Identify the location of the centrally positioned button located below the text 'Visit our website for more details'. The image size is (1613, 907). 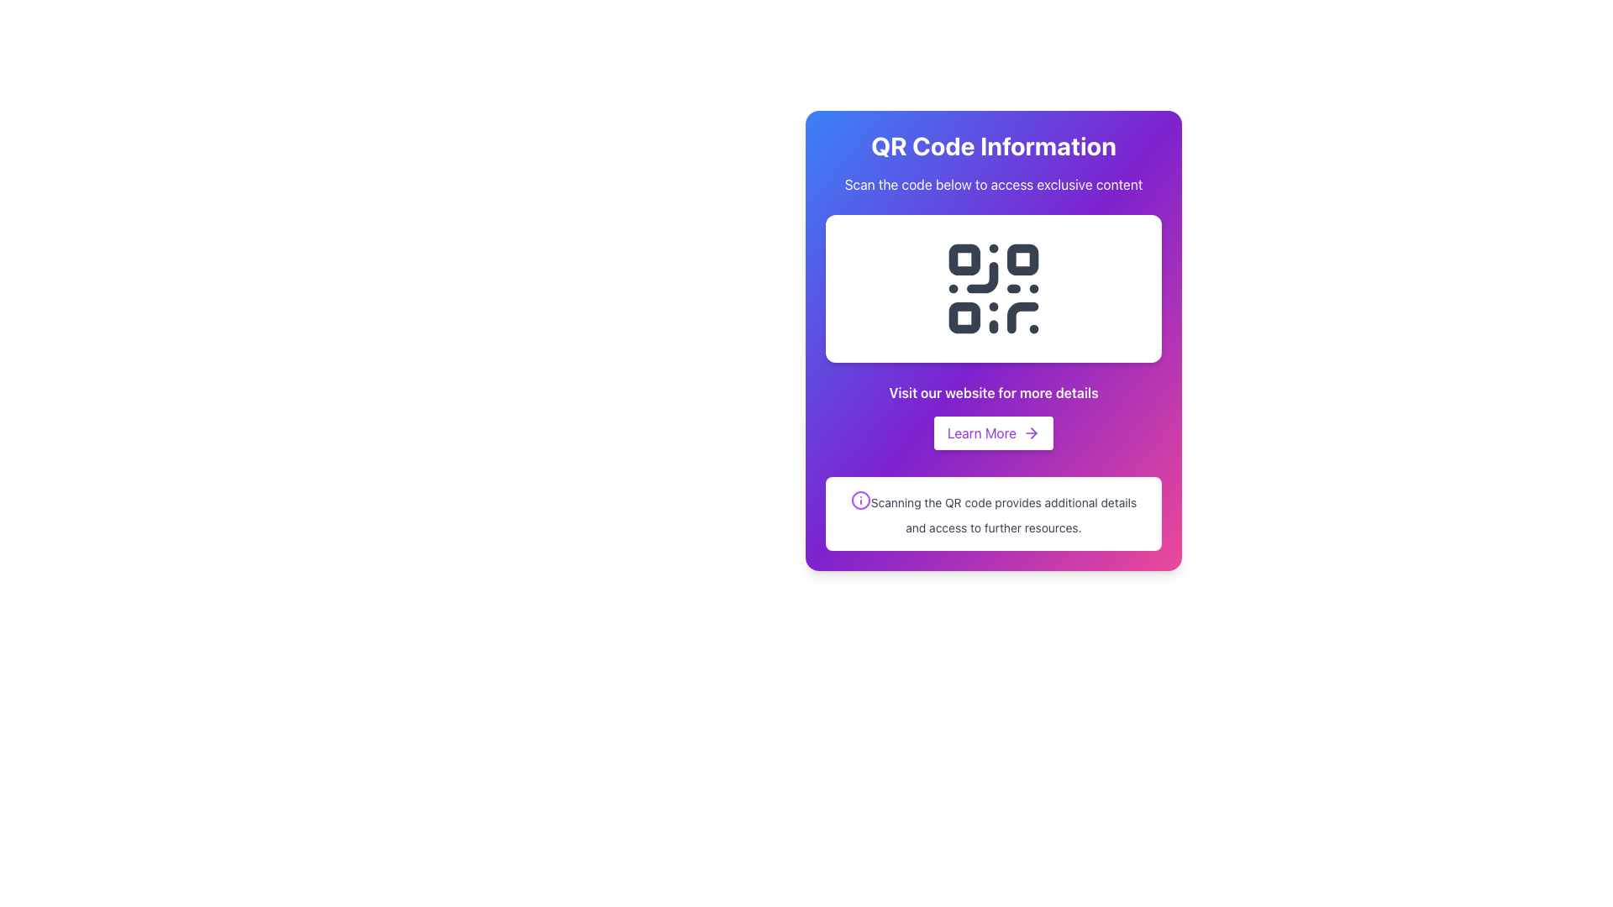
(993, 433).